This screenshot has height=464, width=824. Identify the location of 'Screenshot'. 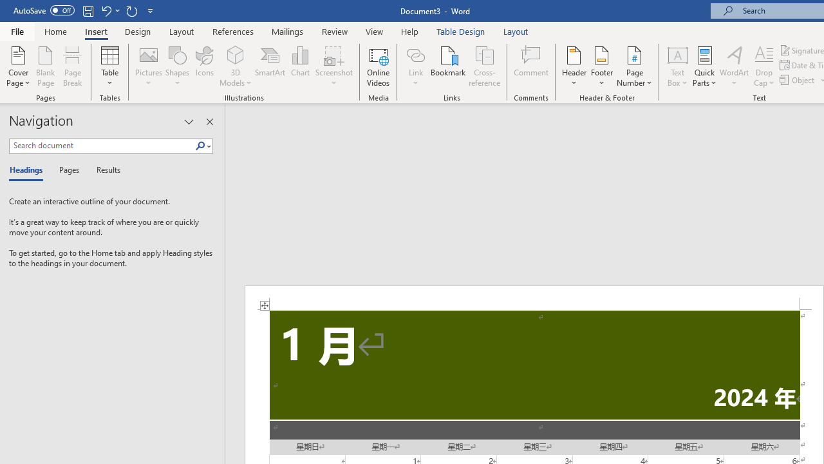
(334, 66).